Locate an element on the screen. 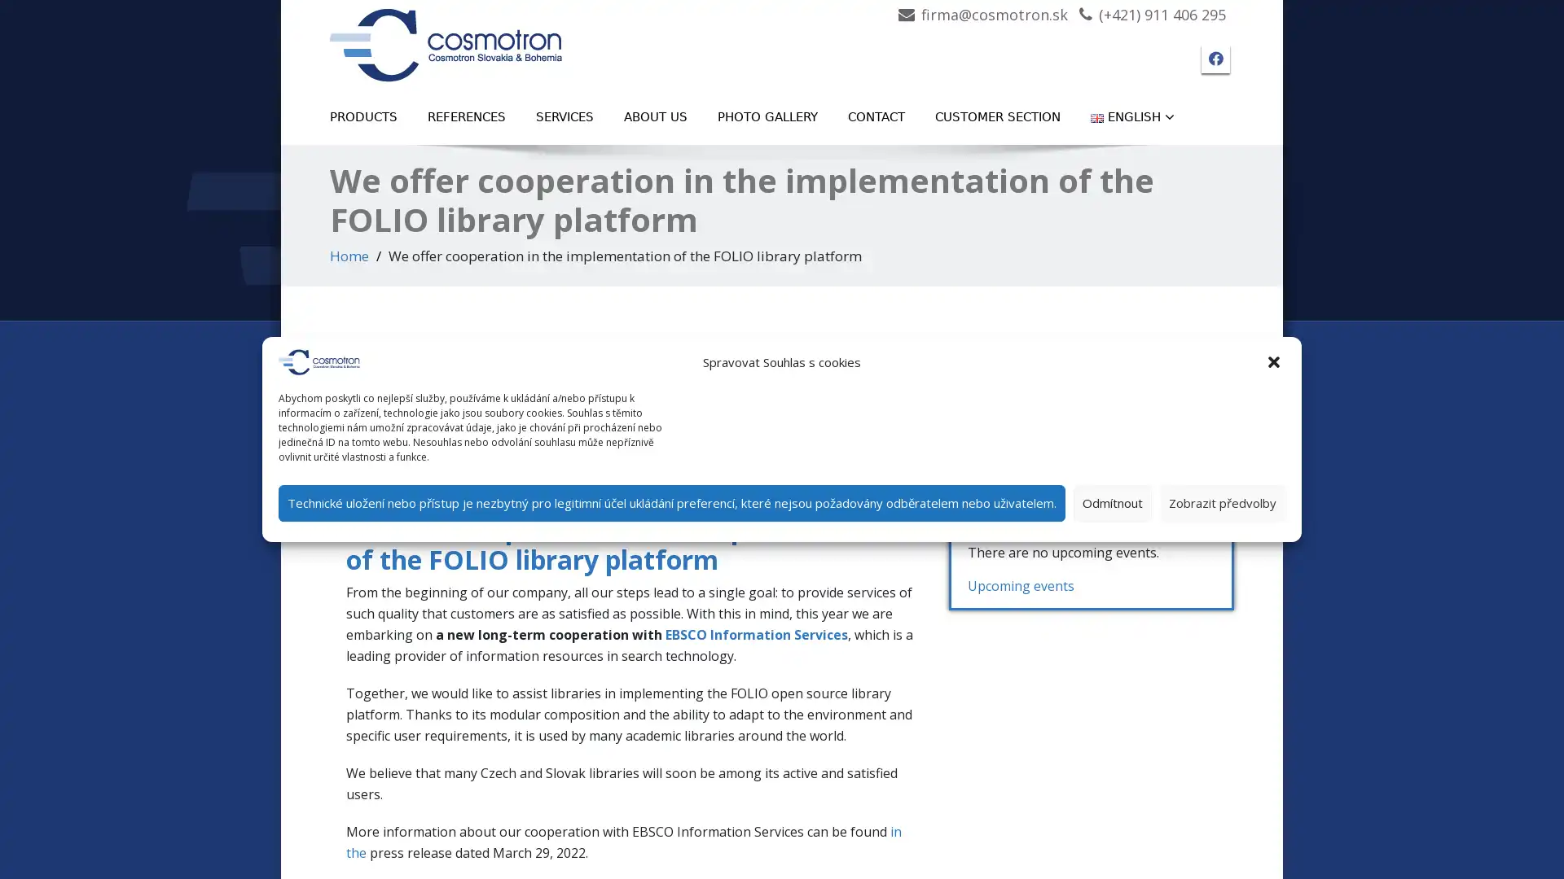 This screenshot has width=1564, height=879. Odmitnout is located at coordinates (1112, 501).